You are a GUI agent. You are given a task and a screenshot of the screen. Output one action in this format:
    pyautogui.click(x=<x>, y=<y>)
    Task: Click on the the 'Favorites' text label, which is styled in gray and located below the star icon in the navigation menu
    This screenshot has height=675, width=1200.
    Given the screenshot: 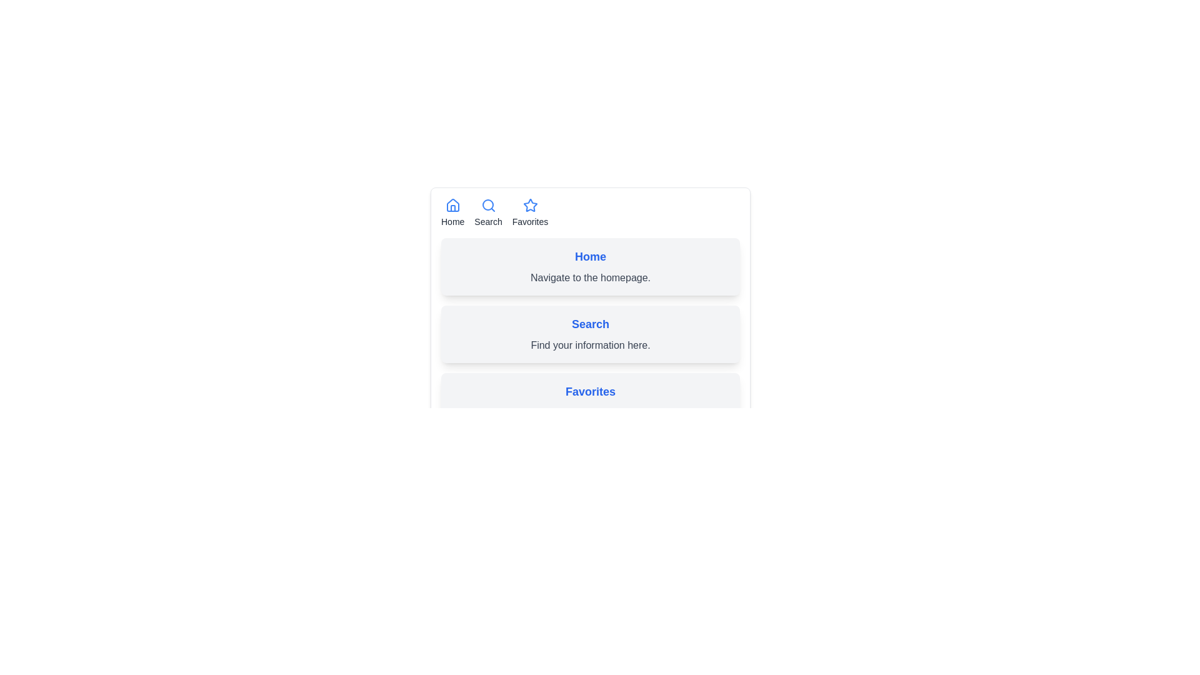 What is the action you would take?
    pyautogui.click(x=530, y=221)
    